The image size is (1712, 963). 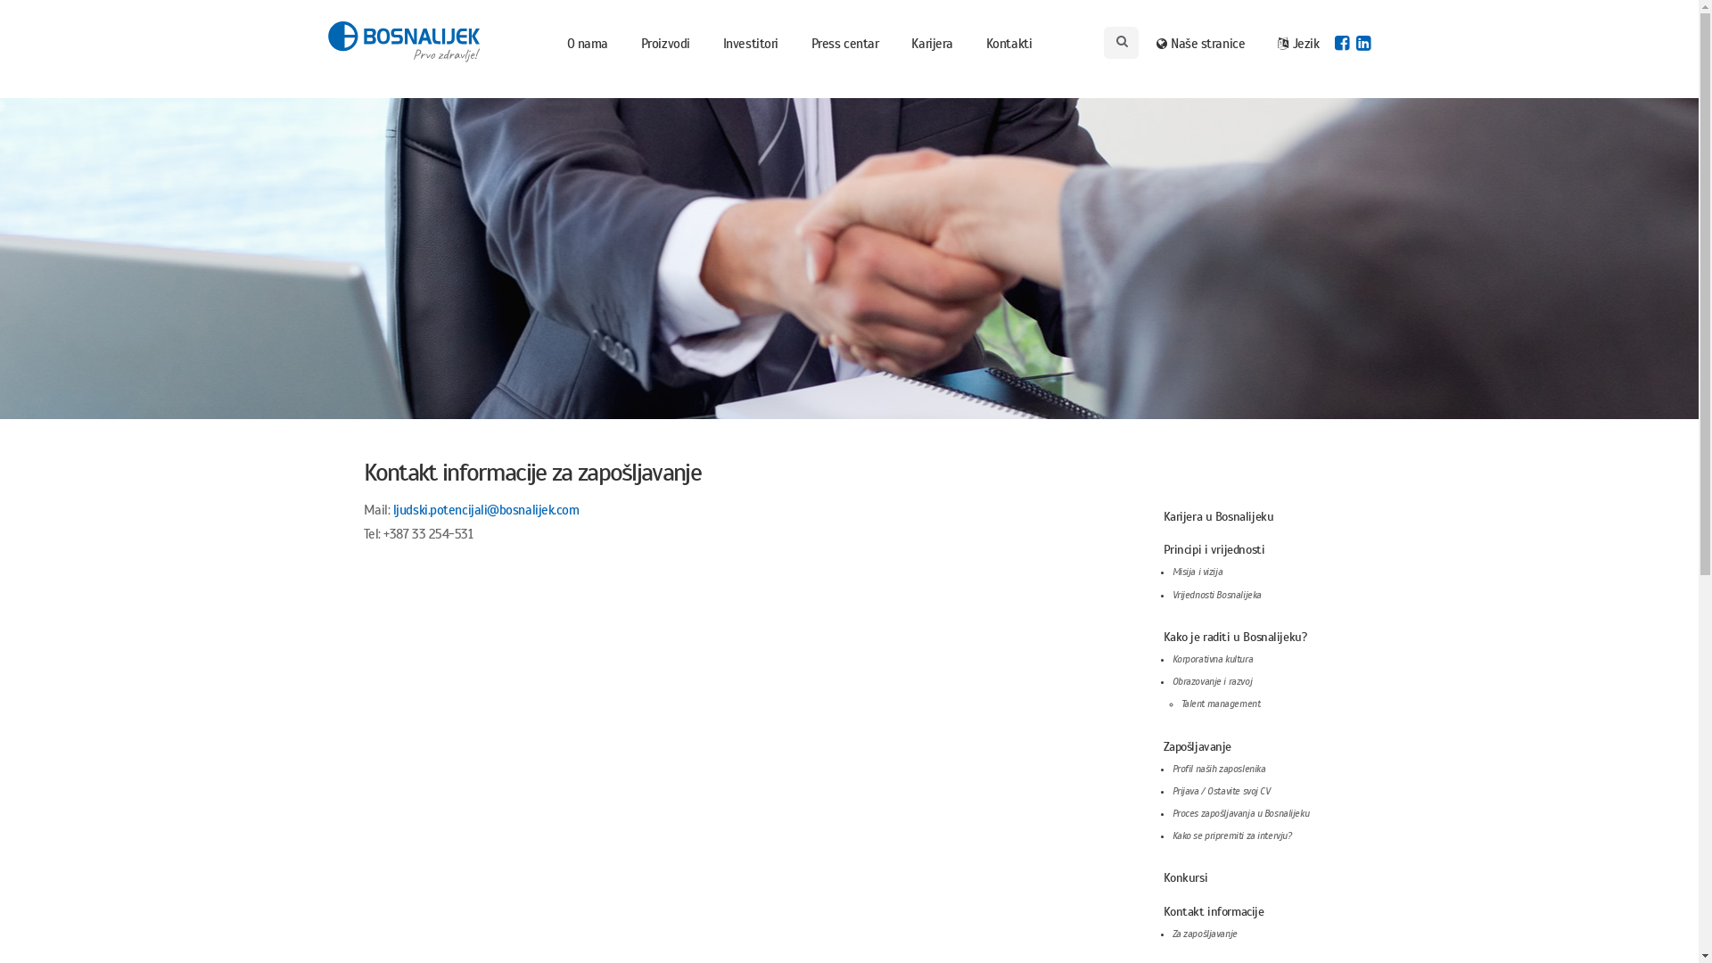 What do you see at coordinates (1219, 790) in the screenshot?
I see `'Prijava / Ostavite svoj CV'` at bounding box center [1219, 790].